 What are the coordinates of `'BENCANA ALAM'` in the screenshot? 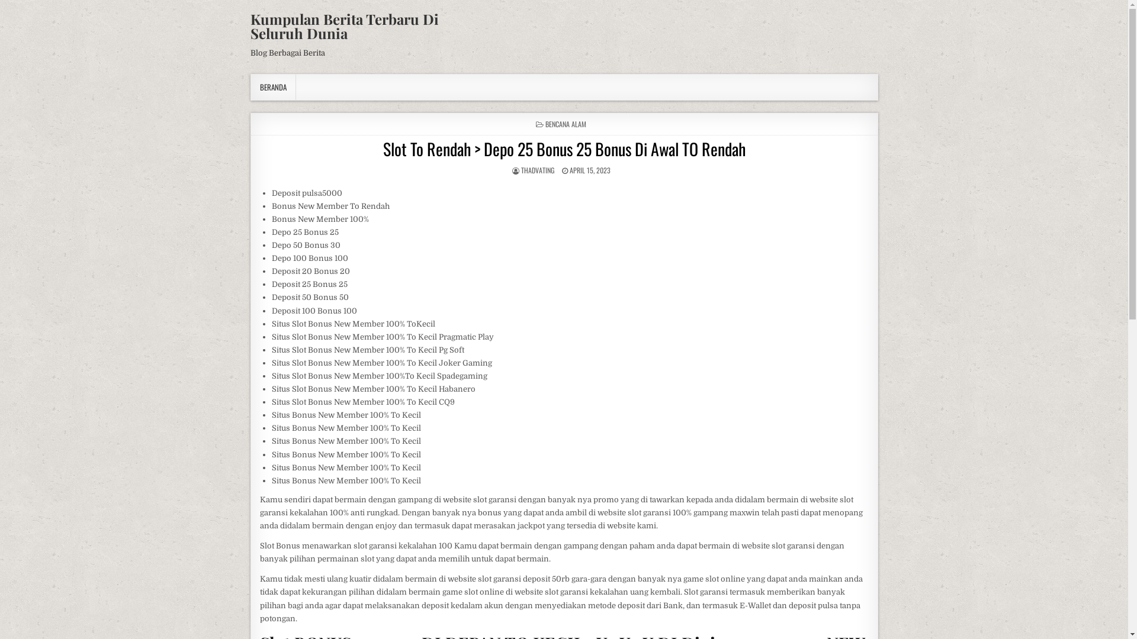 It's located at (565, 124).